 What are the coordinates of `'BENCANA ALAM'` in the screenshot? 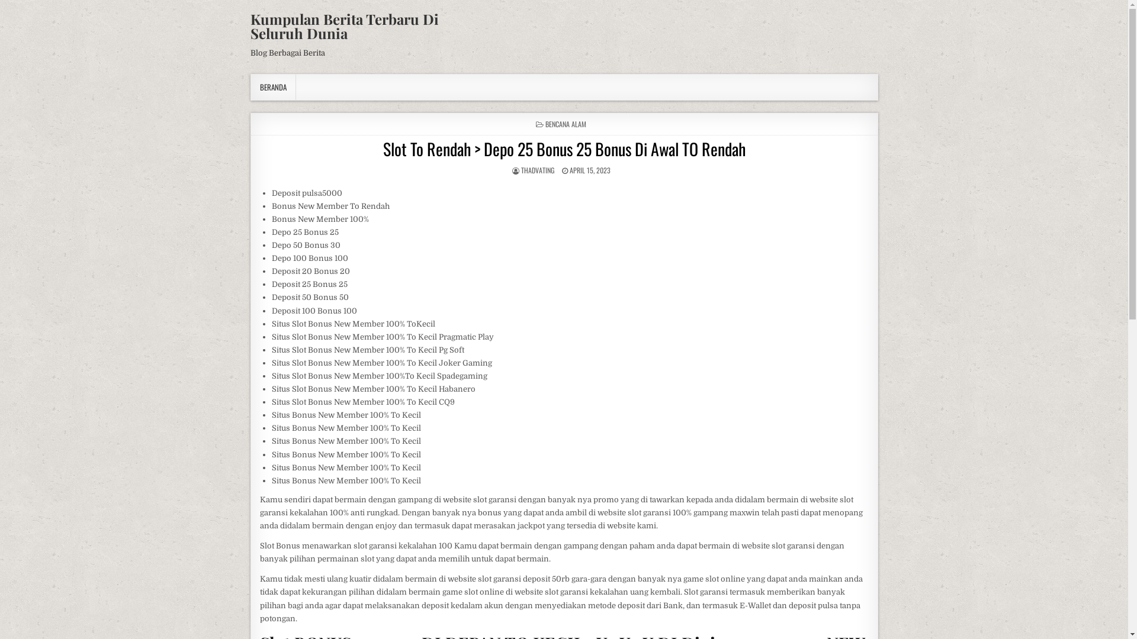 It's located at (565, 124).